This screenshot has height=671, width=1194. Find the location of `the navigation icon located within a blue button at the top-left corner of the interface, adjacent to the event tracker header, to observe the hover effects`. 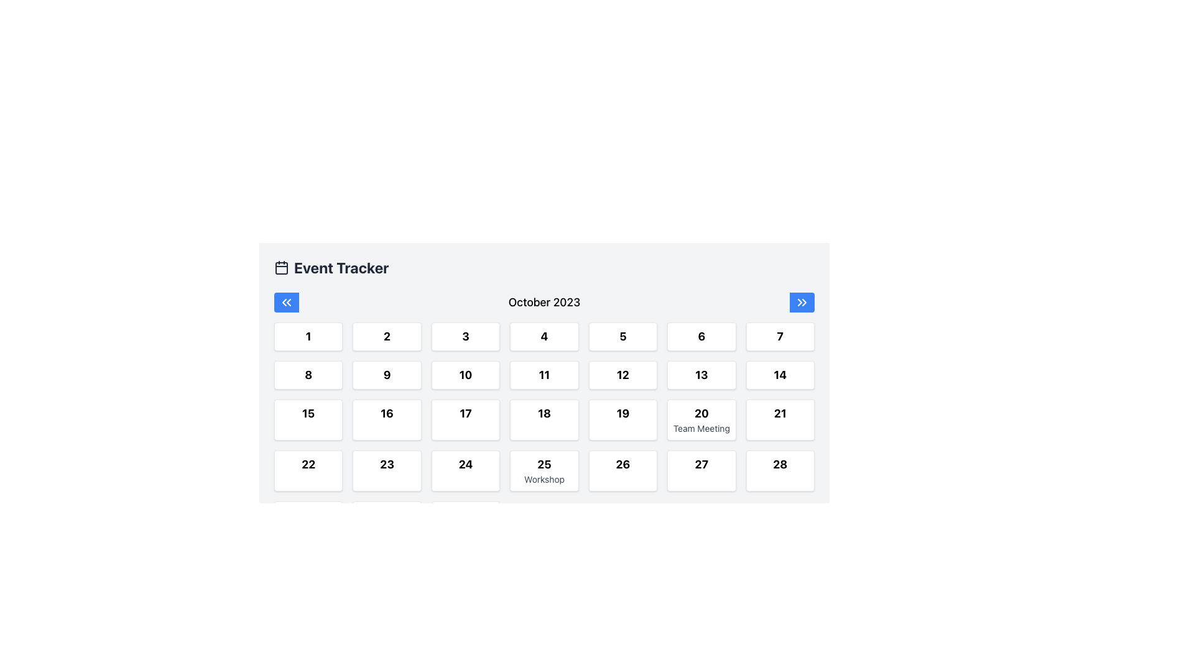

the navigation icon located within a blue button at the top-left corner of the interface, adjacent to the event tracker header, to observe the hover effects is located at coordinates (285, 302).